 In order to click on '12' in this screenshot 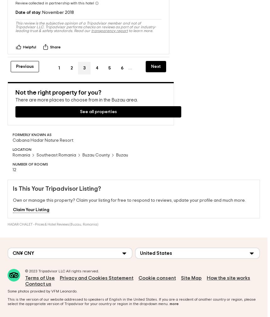, I will do `click(14, 168)`.